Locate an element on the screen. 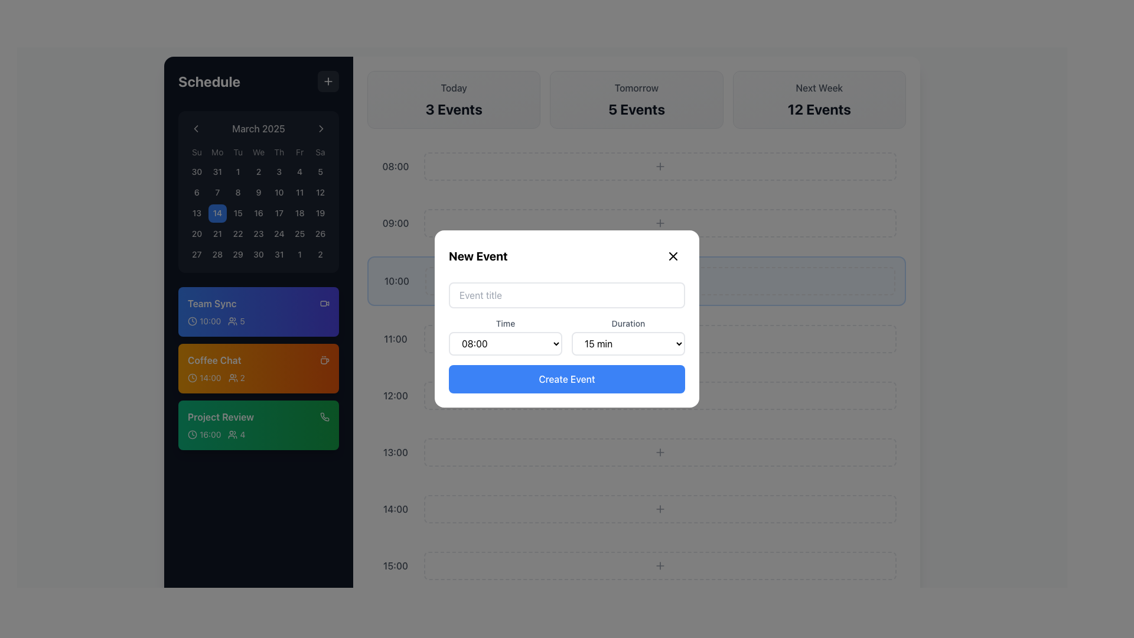 This screenshot has width=1134, height=638. the first available time slot in the scheduler at 08:00 is located at coordinates (636, 166).